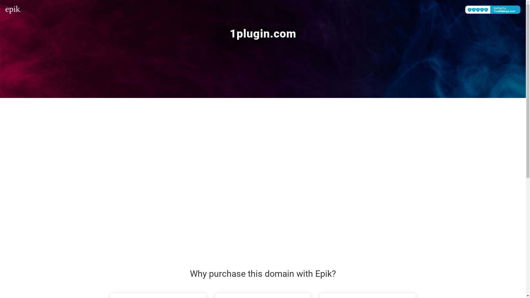  I want to click on 'Verified by TrustRatings.com', so click(493, 9).